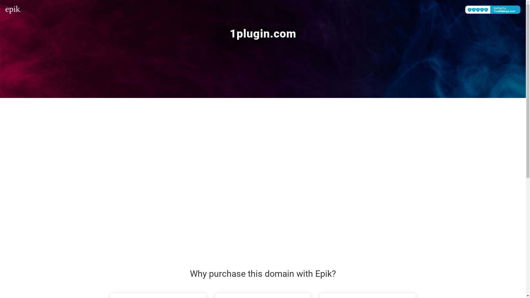  I want to click on 'Verified by TrustRatings.com', so click(493, 9).